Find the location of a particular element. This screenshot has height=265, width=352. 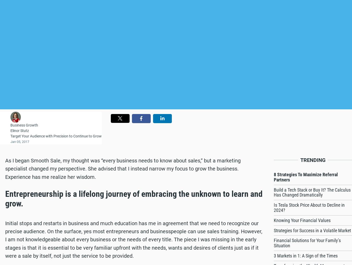

'Jan 05, 2017' is located at coordinates (20, 141).